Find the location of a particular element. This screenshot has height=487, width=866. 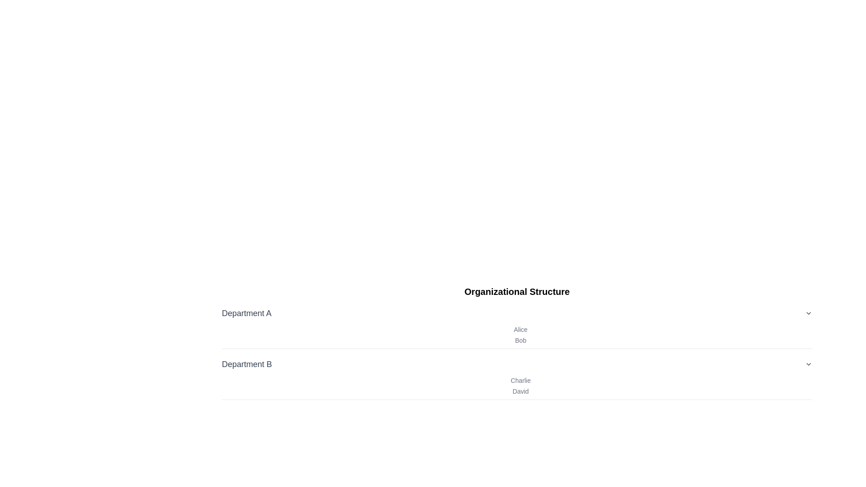

the Dropdown trigger labeled 'Department B' which features a downward chevron is located at coordinates (517, 363).